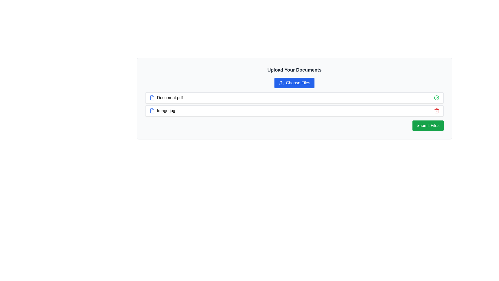 This screenshot has height=281, width=499. What do you see at coordinates (437, 98) in the screenshot?
I see `the green circular checkmark icon indicating a successful state for the list item labeled 'Document.pdf'` at bounding box center [437, 98].